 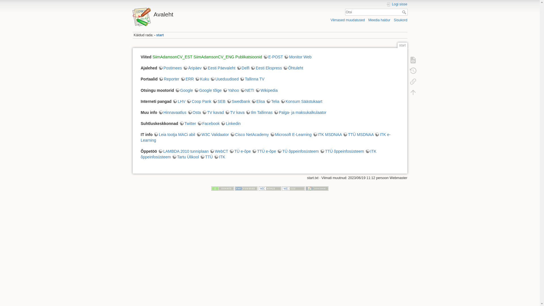 I want to click on 'Coop Pank', so click(x=186, y=101).